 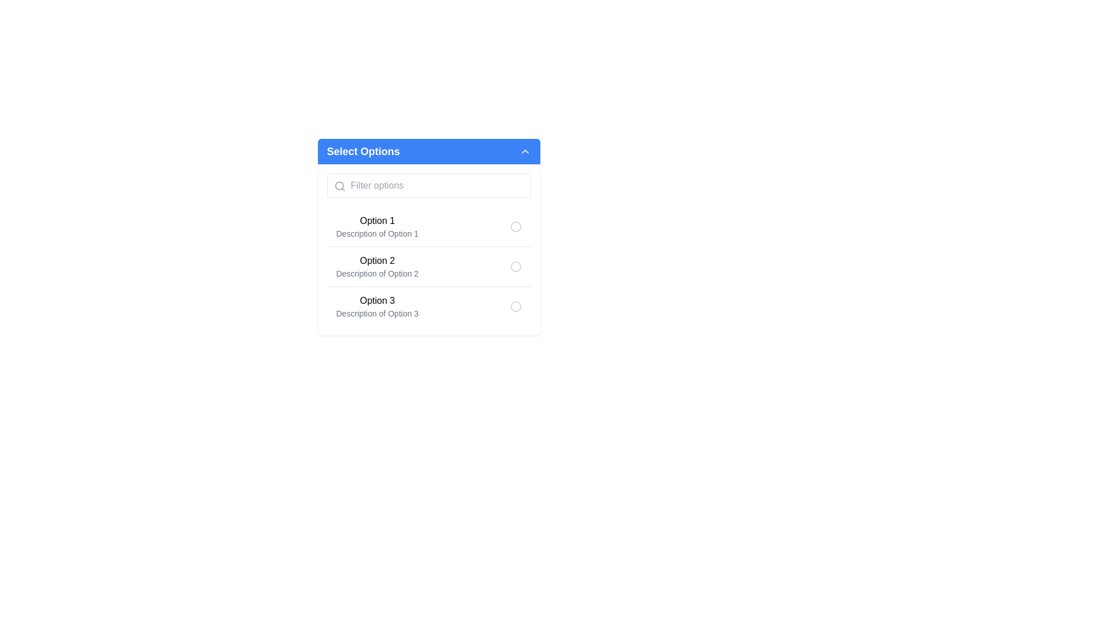 What do you see at coordinates (363, 151) in the screenshot?
I see `the 'Select Options' text label, which is prominently displayed in bold font within the blue rectangular dropdown header area` at bounding box center [363, 151].